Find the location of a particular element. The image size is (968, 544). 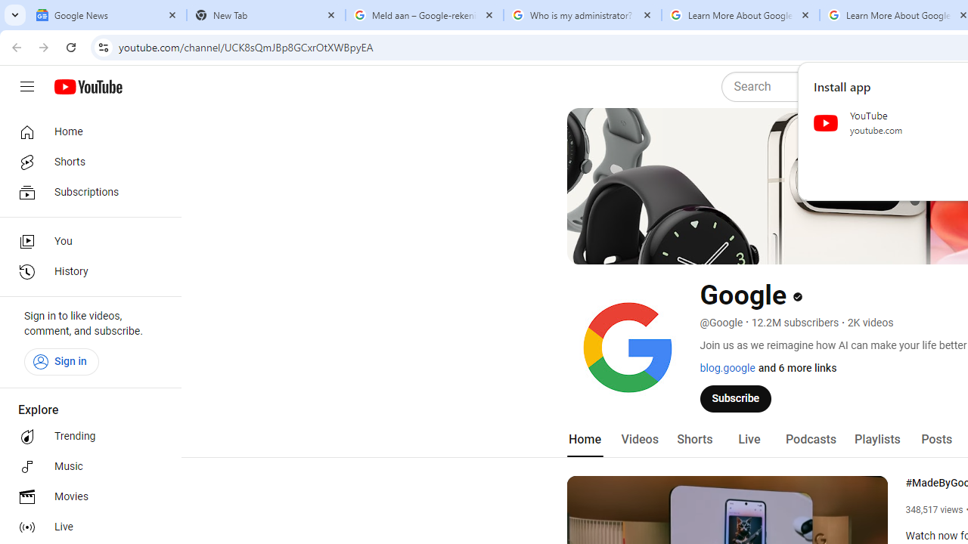

'Live' is located at coordinates (749, 439).